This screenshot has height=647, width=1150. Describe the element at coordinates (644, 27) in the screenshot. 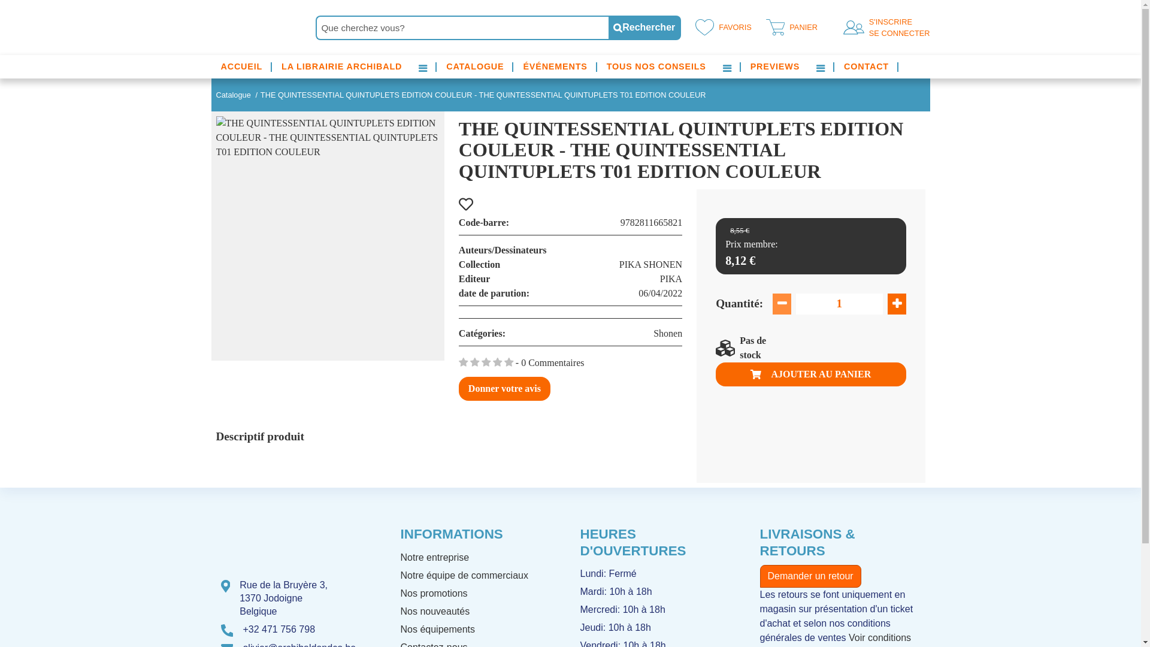

I see `'Rechercher'` at that location.